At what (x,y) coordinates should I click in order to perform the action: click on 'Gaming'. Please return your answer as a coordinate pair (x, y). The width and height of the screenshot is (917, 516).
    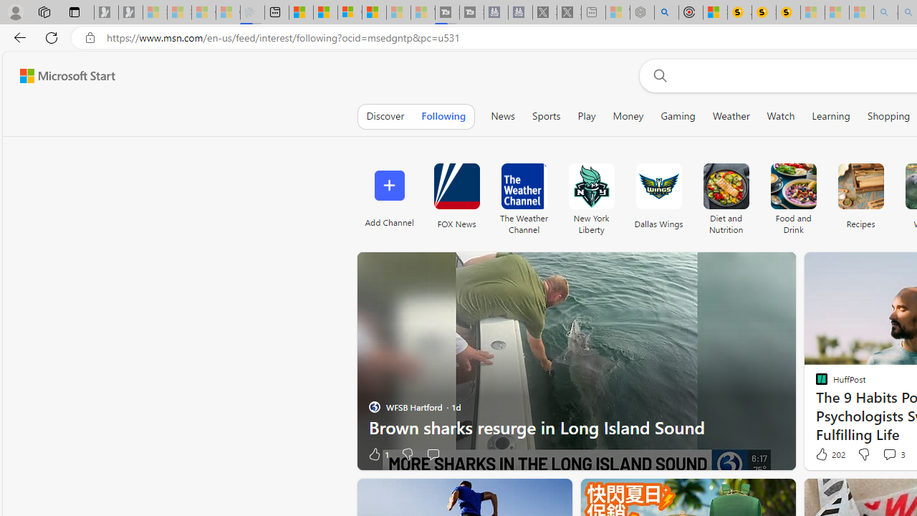
    Looking at the image, I should click on (677, 115).